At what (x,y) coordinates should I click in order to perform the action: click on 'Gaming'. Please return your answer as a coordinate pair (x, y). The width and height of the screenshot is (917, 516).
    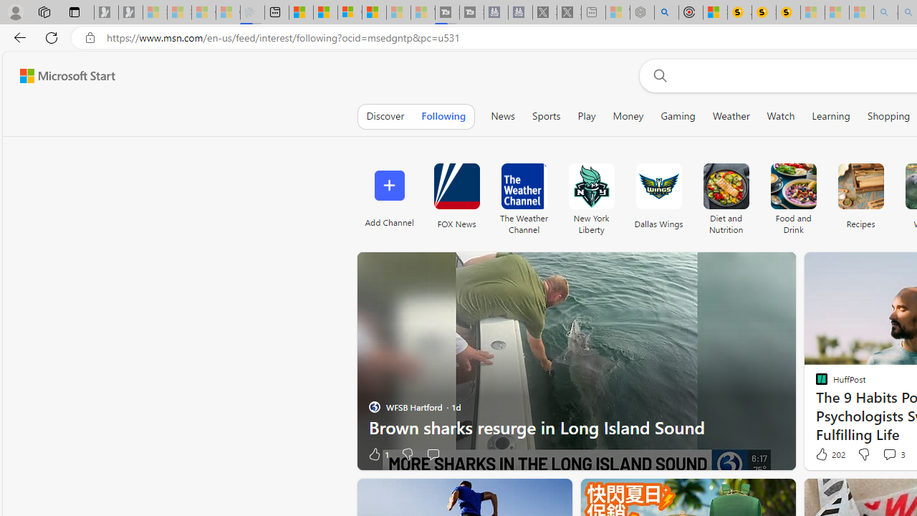
    Looking at the image, I should click on (677, 115).